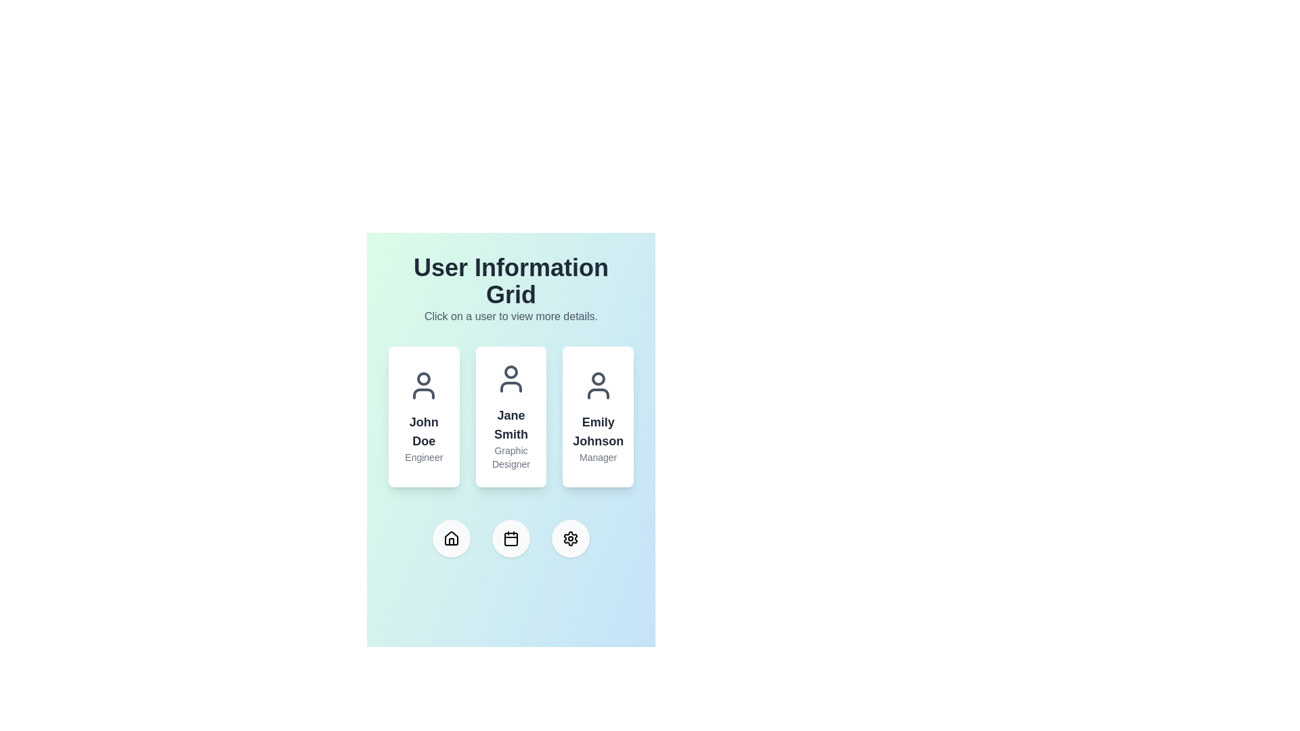 Image resolution: width=1300 pixels, height=731 pixels. What do you see at coordinates (597, 431) in the screenshot?
I see `the text label that displays the name of a person, located in the third card of a three-card grid layout, positioned beneath an icon and above a smaller text label that reads 'Manager'` at bounding box center [597, 431].